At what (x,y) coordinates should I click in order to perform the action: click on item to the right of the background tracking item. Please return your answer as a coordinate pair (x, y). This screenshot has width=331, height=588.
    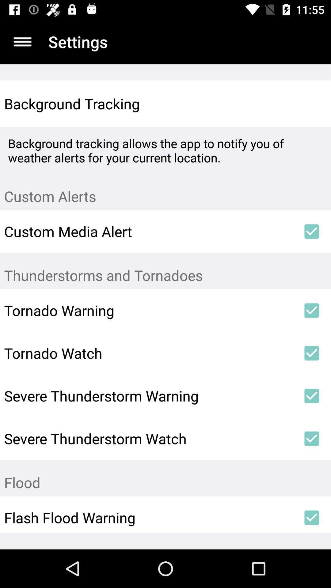
    Looking at the image, I should click on (312, 104).